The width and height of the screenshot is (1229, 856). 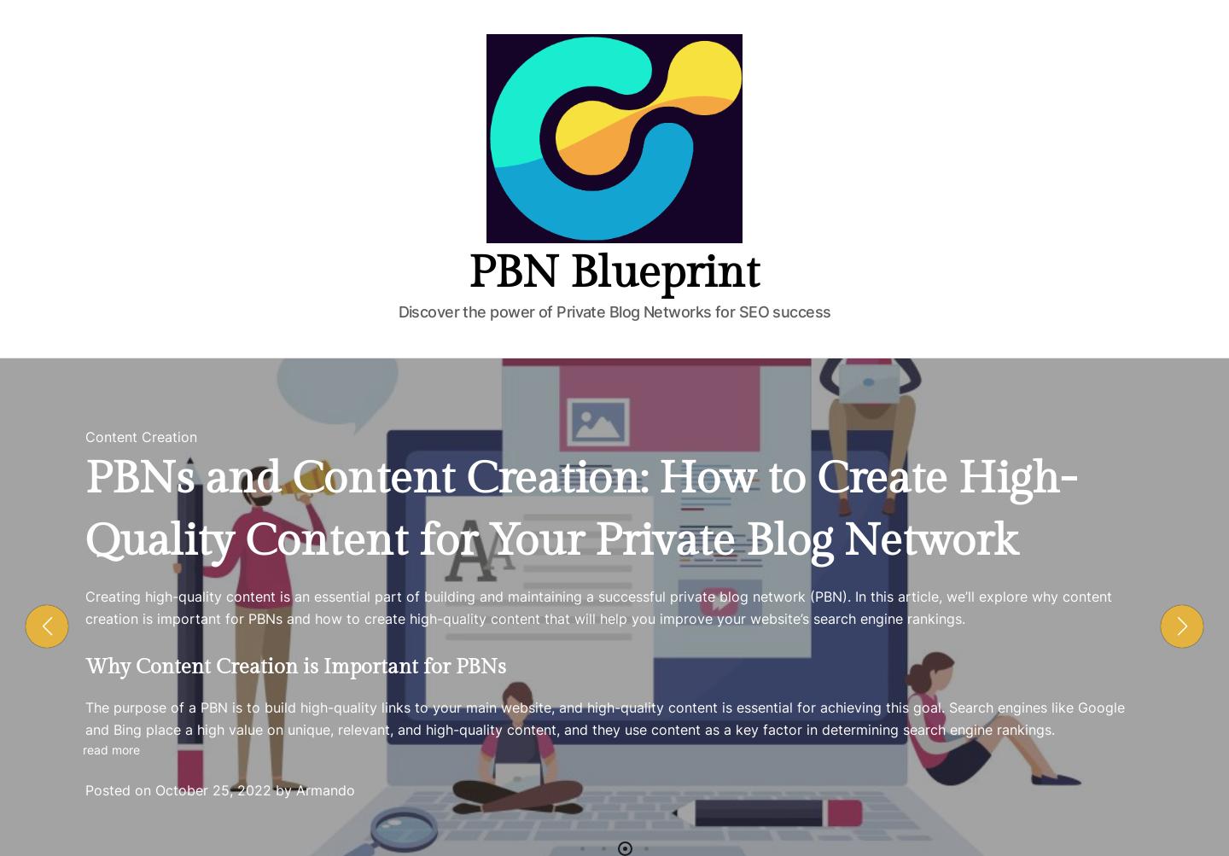 I want to click on 'April 4, 2022', so click(x=936, y=247).